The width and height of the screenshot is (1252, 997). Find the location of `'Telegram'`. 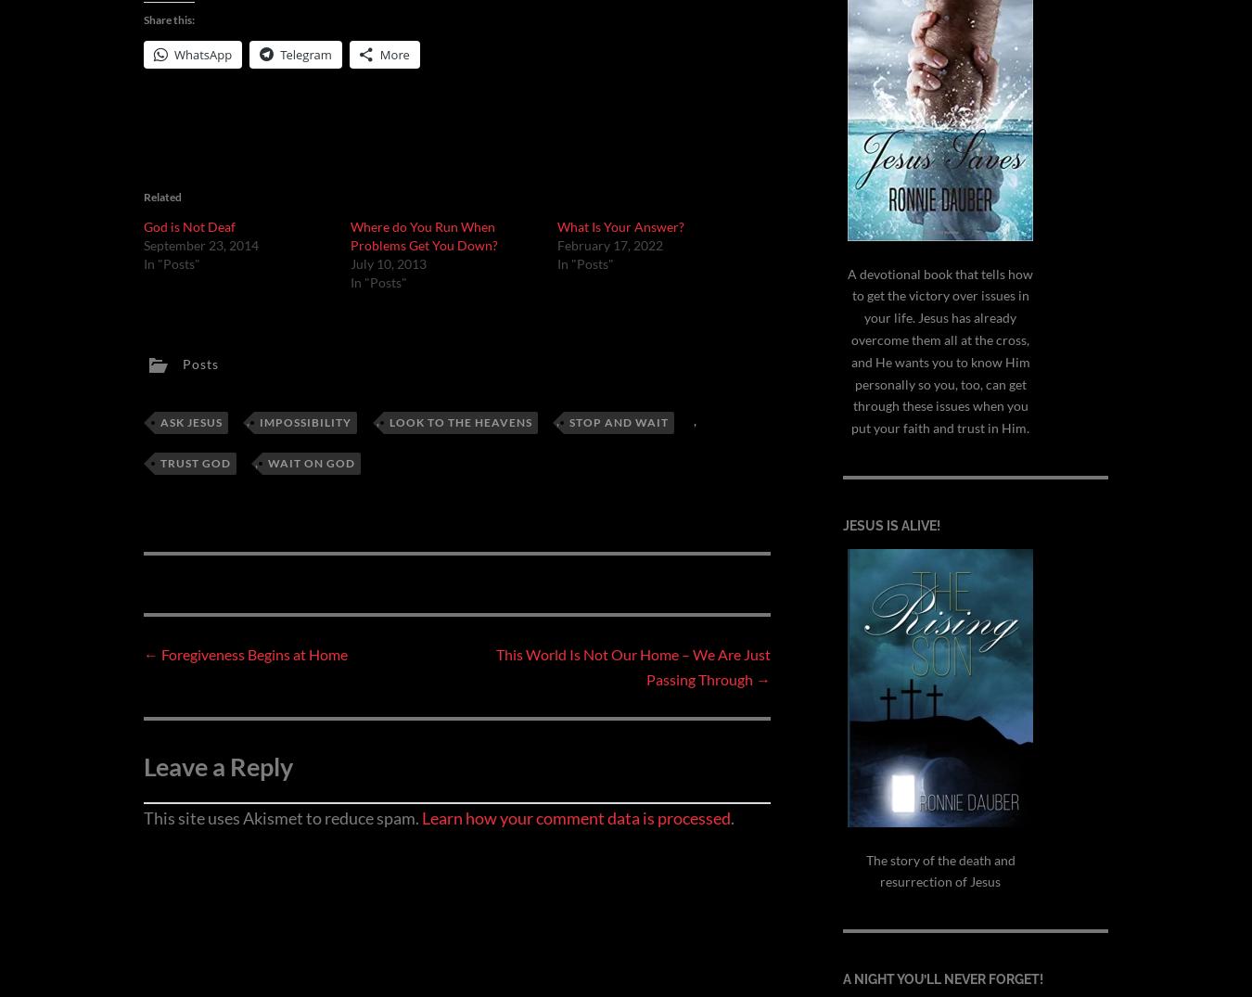

'Telegram' is located at coordinates (304, 54).